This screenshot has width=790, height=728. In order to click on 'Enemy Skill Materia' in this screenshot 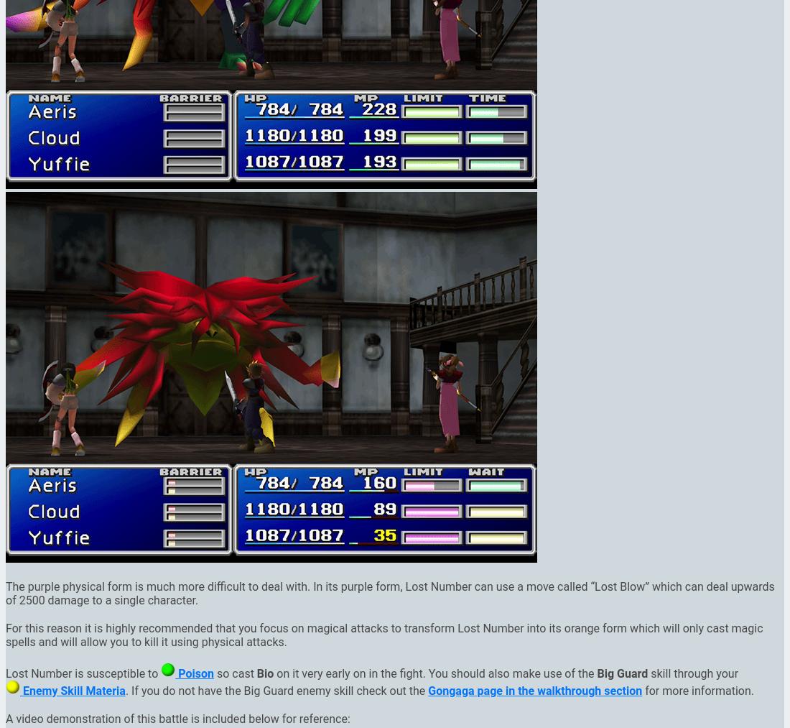, I will do `click(72, 690)`.